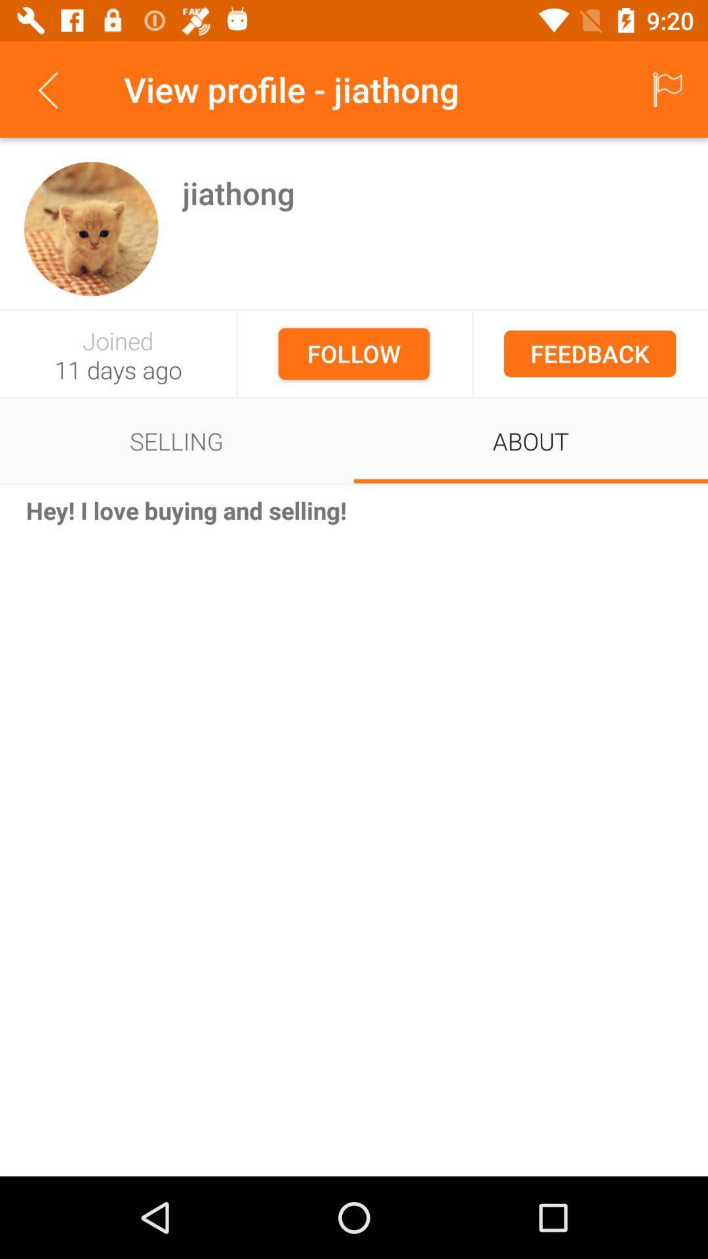 The image size is (708, 1259). Describe the element at coordinates (354, 353) in the screenshot. I see `the follow icon` at that location.